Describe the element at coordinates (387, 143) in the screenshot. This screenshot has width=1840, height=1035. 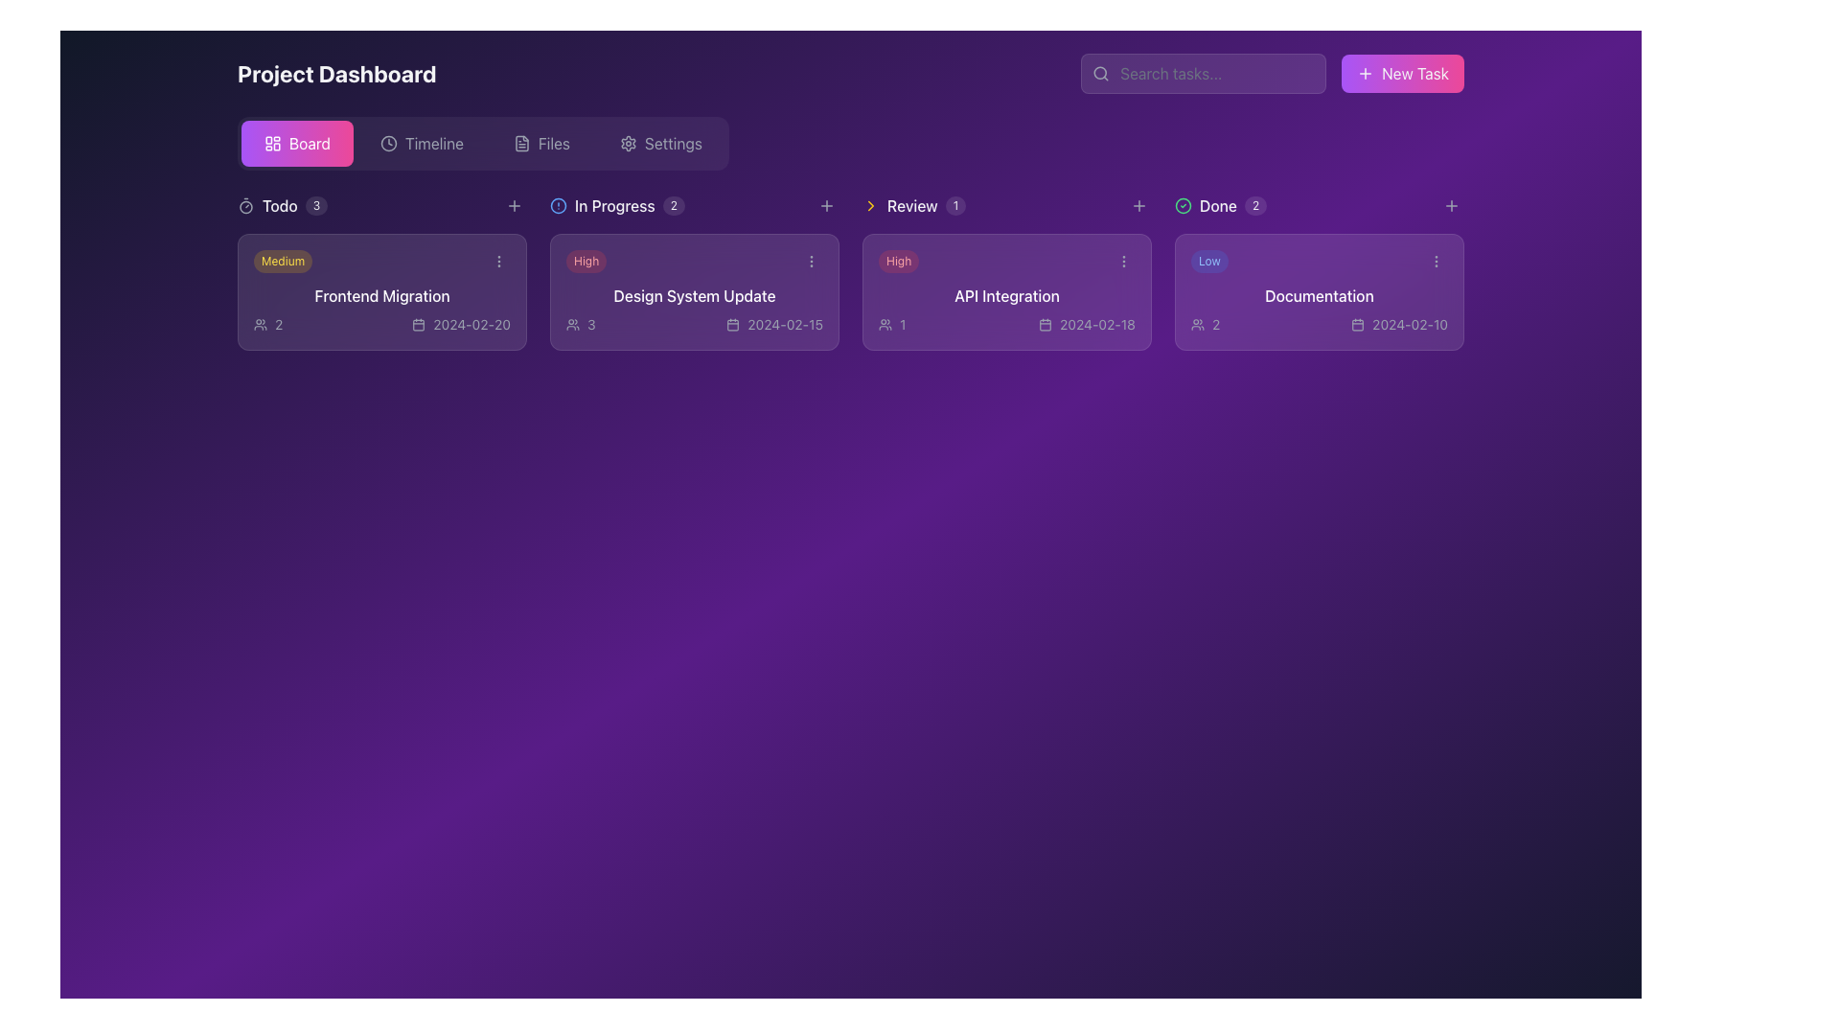
I see `the SVG circle that represents the clock face in the 'Timeline' menu section of the dashboard` at that location.